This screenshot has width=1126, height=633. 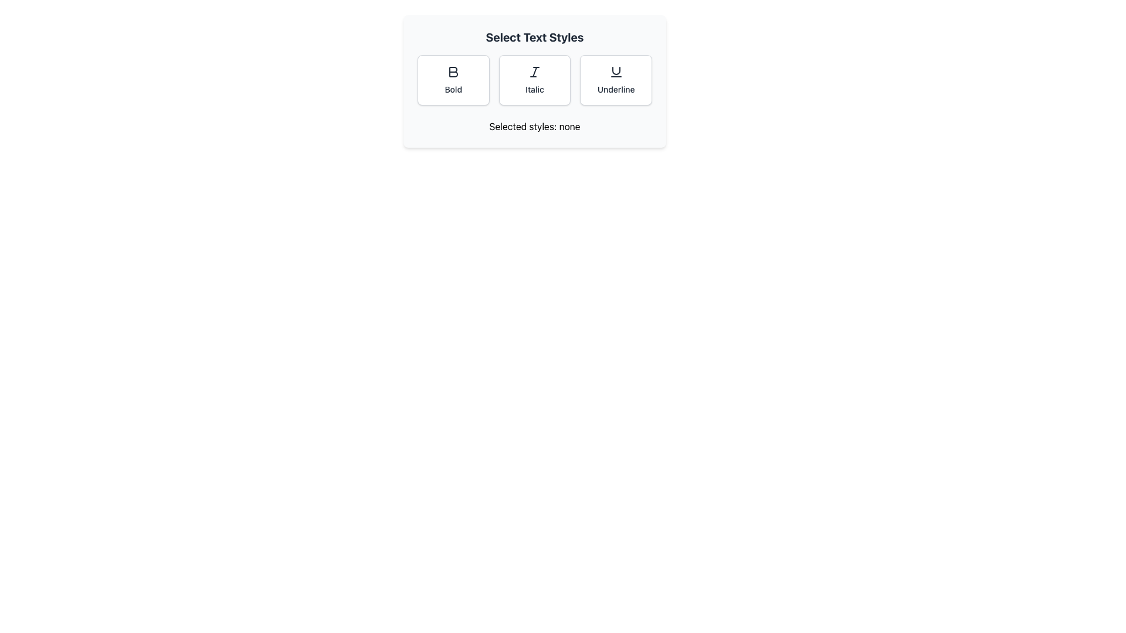 I want to click on the text label 'Select Text Styles' which is positioned at the top of the content card, indicating the heading for text style selection, so click(x=534, y=37).